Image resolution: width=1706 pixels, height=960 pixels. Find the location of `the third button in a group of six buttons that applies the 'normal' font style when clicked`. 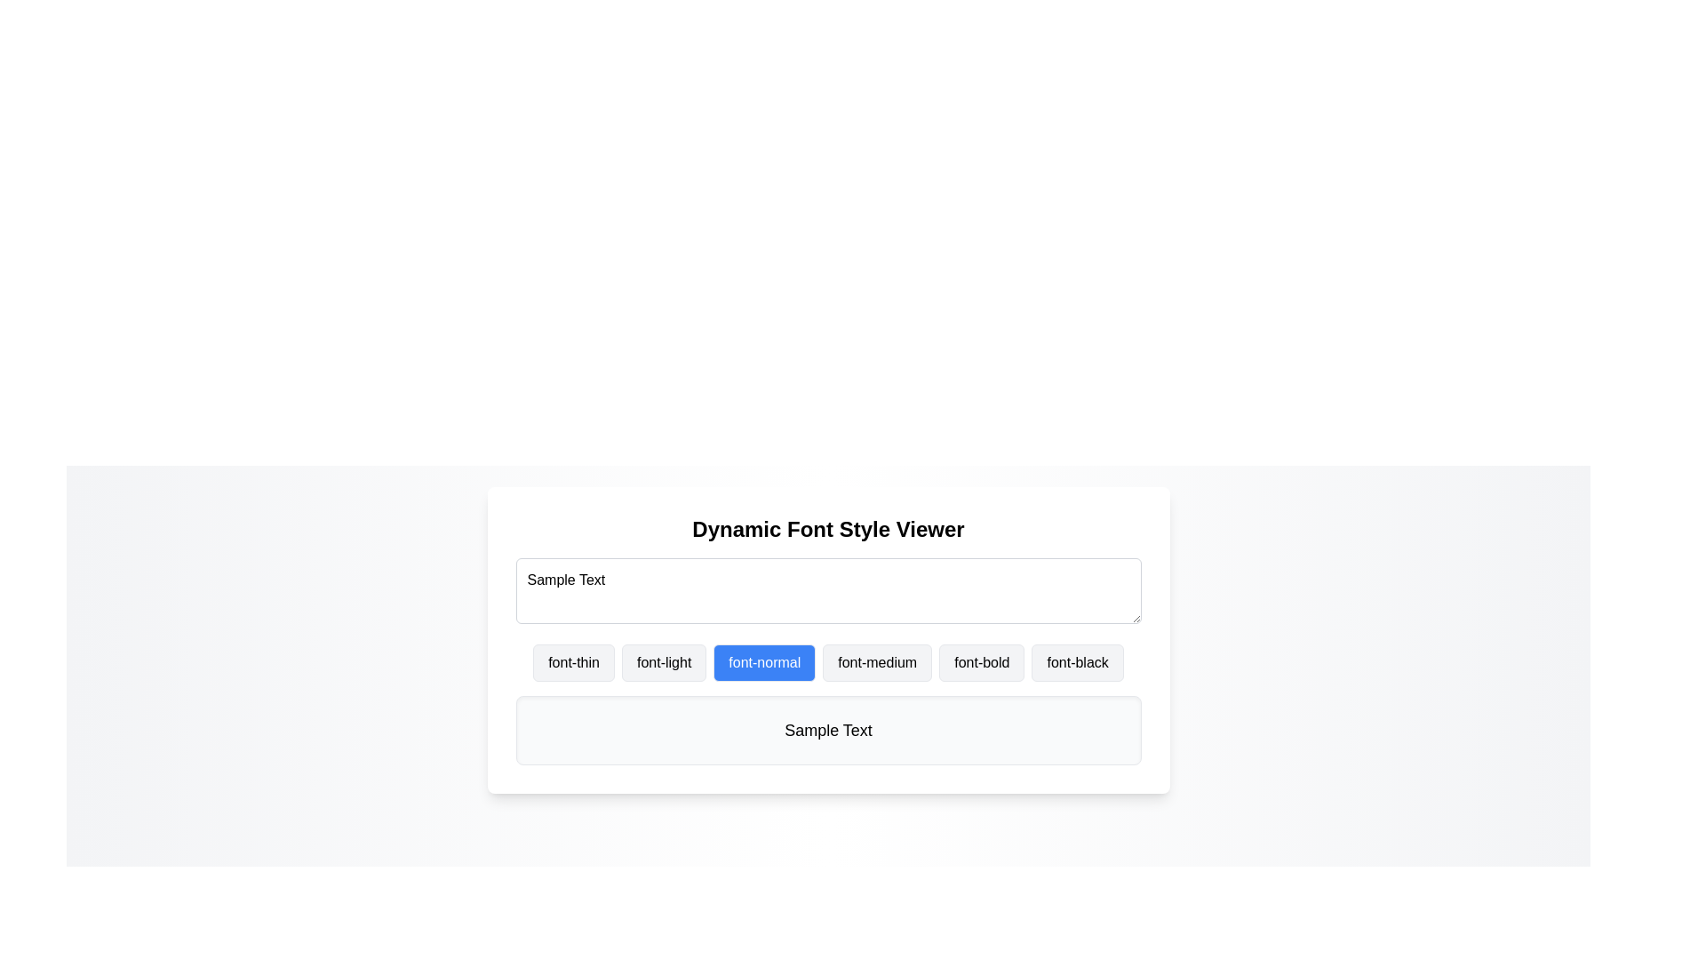

the third button in a group of six buttons that applies the 'normal' font style when clicked is located at coordinates (764, 662).